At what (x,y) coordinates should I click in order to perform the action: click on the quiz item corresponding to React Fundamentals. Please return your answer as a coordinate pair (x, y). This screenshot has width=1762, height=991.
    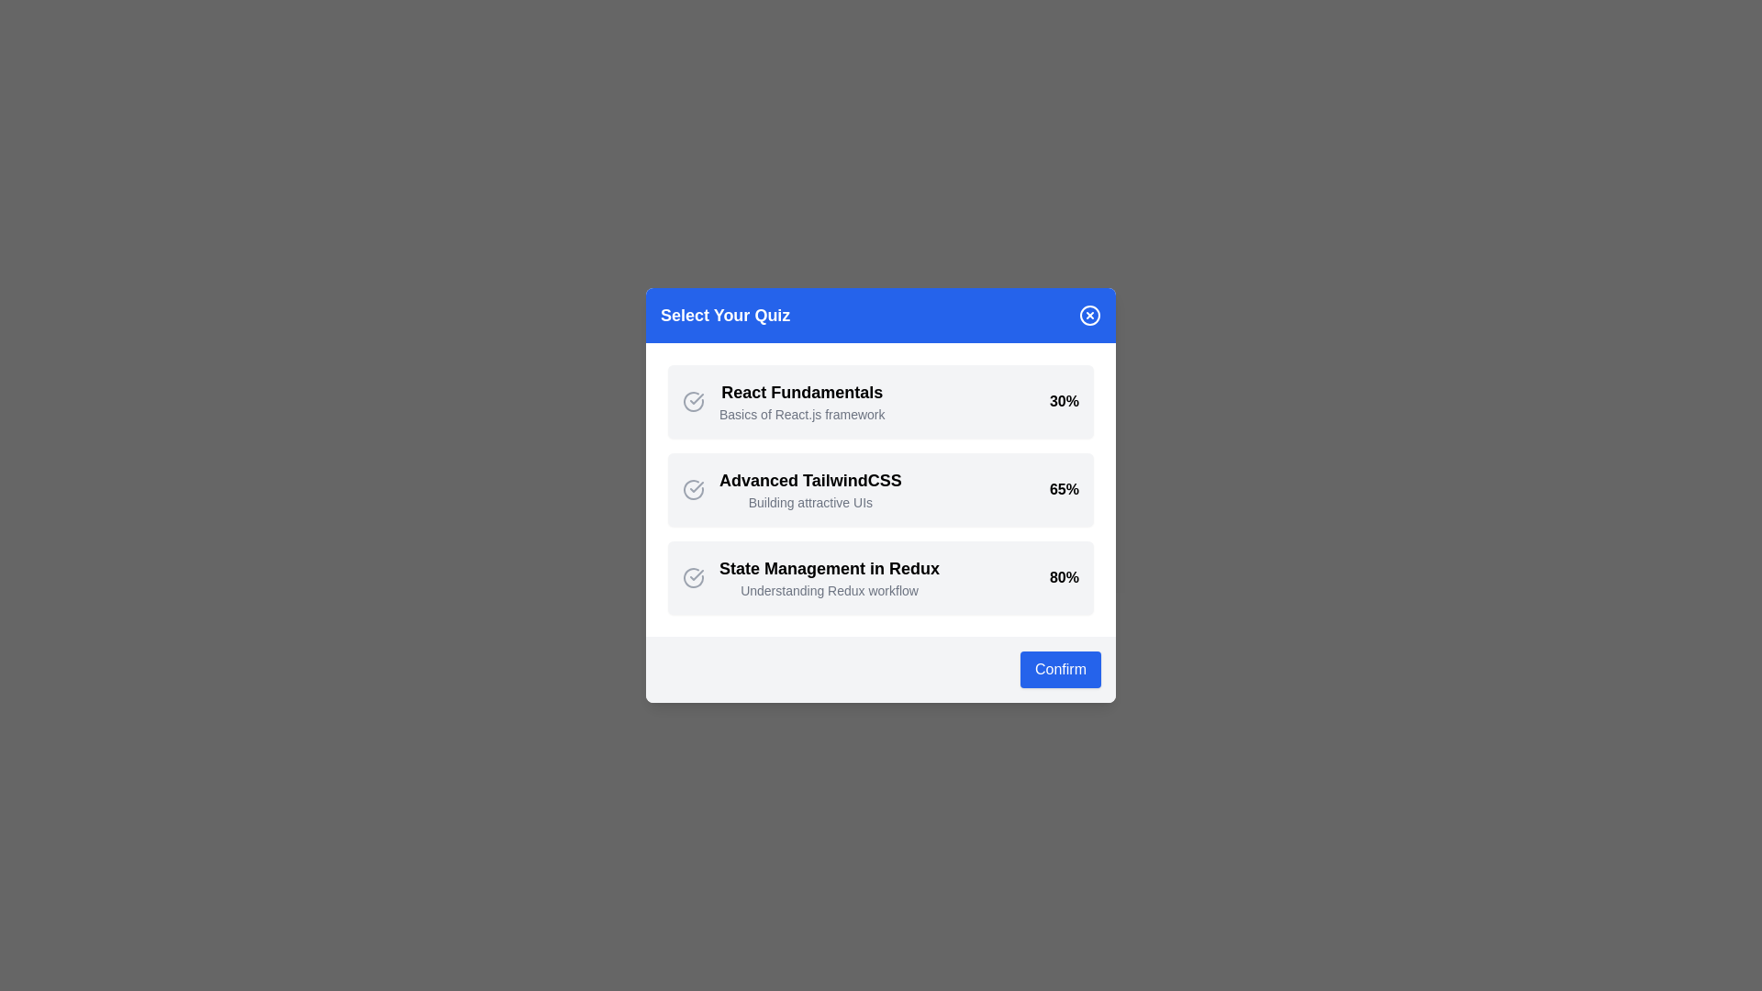
    Looking at the image, I should click on (881, 401).